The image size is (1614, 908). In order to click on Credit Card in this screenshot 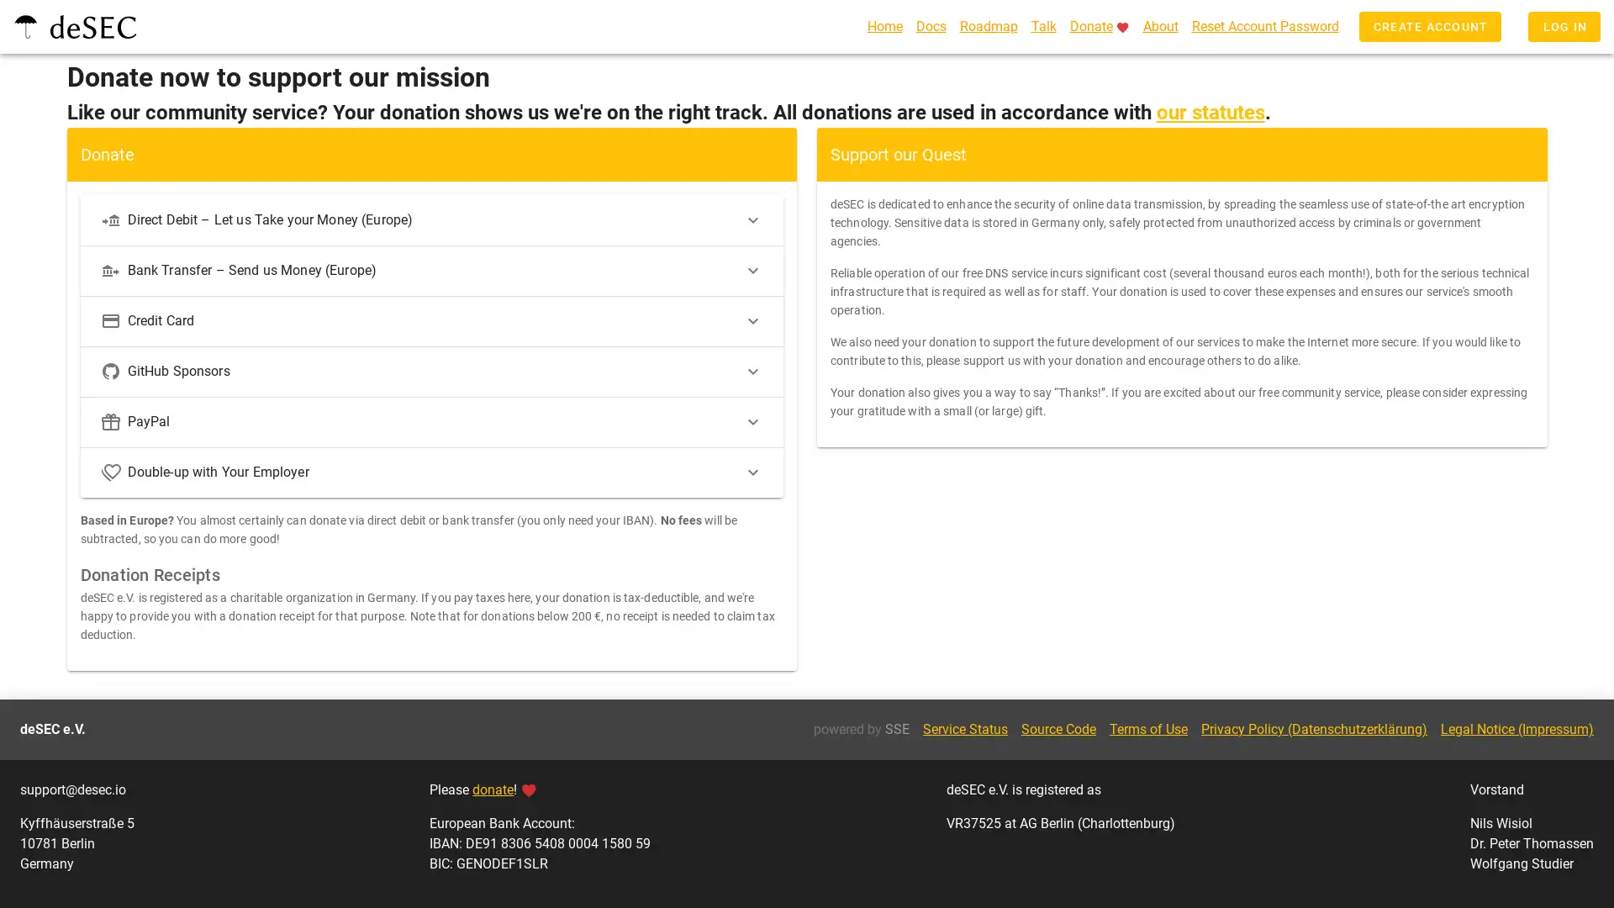, I will do `click(431, 327)`.